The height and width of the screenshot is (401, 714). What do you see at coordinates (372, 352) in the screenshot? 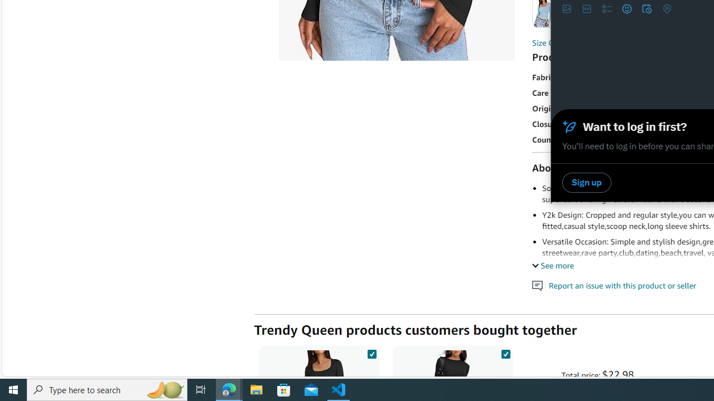
I see `'AutomationID: thematicBundleCheck-1'` at bounding box center [372, 352].